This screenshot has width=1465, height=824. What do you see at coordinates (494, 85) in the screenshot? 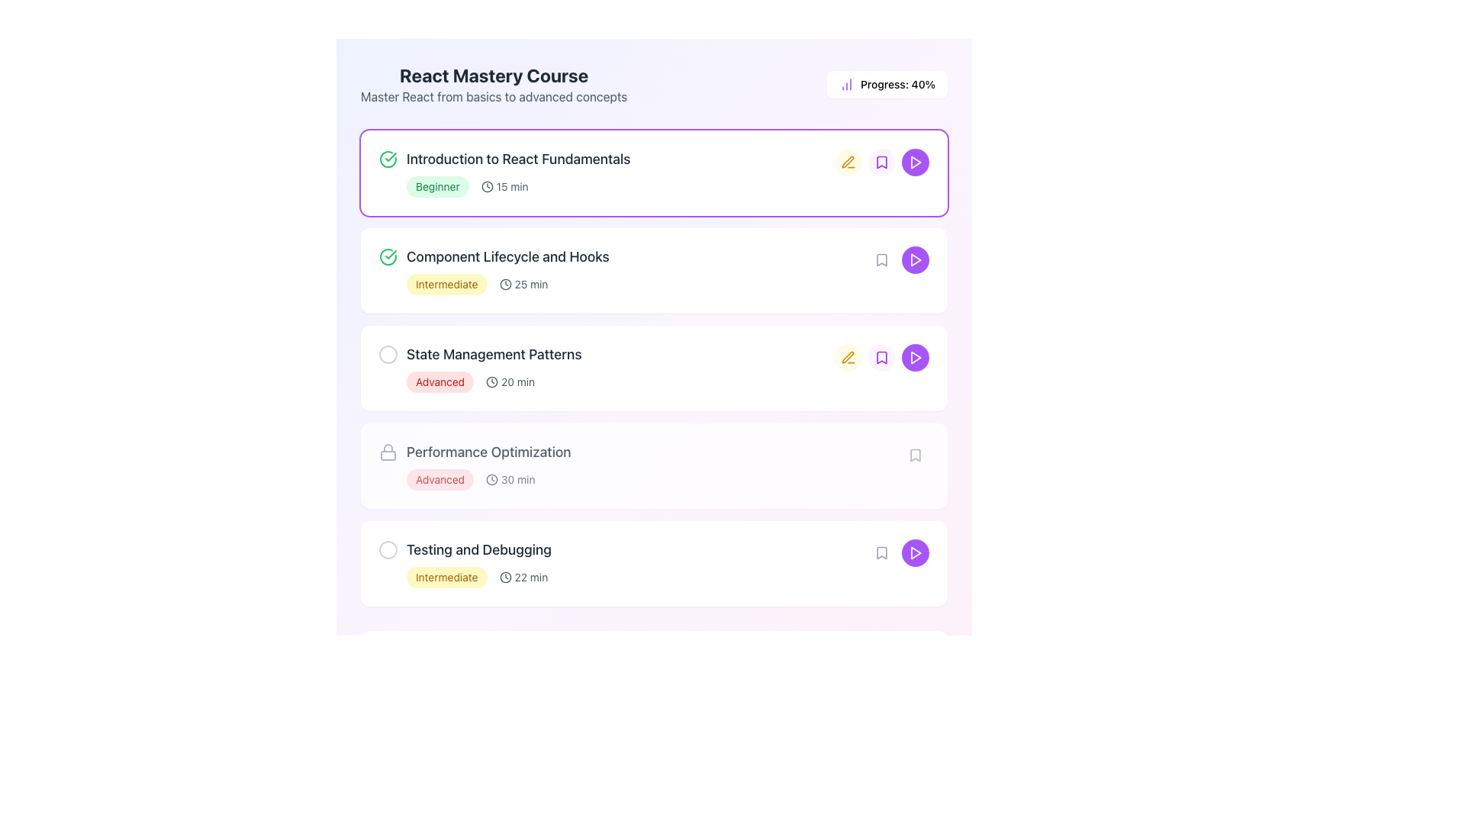
I see `the Text Block displaying 'React Mastery Course' with the bold title and supporting description, located at the top of the interface` at bounding box center [494, 85].